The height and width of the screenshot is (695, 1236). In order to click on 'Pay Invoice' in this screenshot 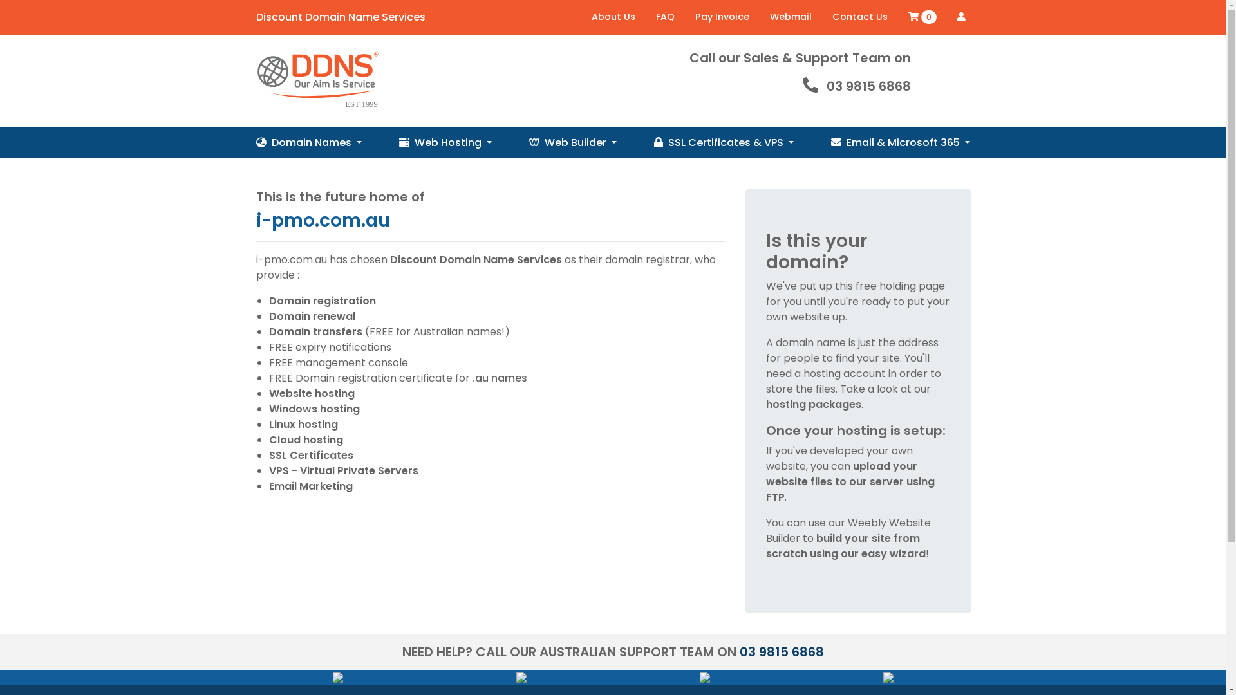, I will do `click(722, 17)`.